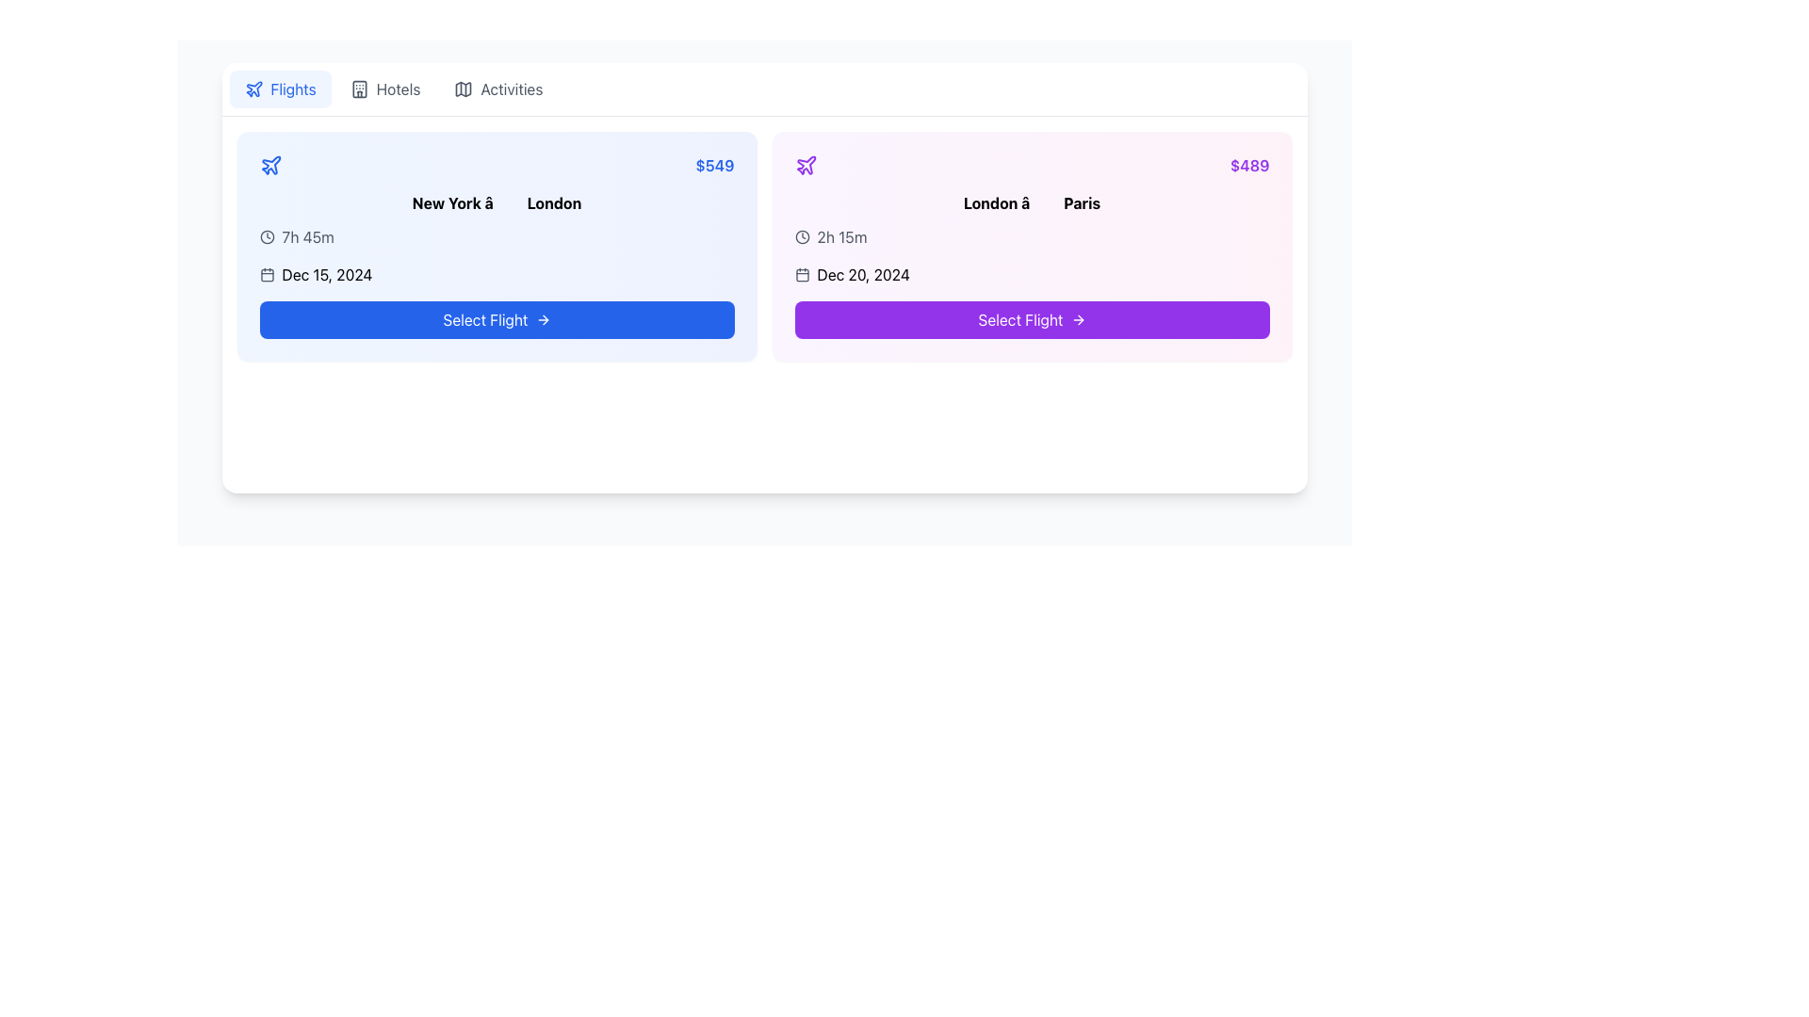  I want to click on date information displayed in the label that shows 'Dec 20, 2024', which is in bold black font and located in the right-hand card, below the time information and next to the calendar icon, so click(862, 275).